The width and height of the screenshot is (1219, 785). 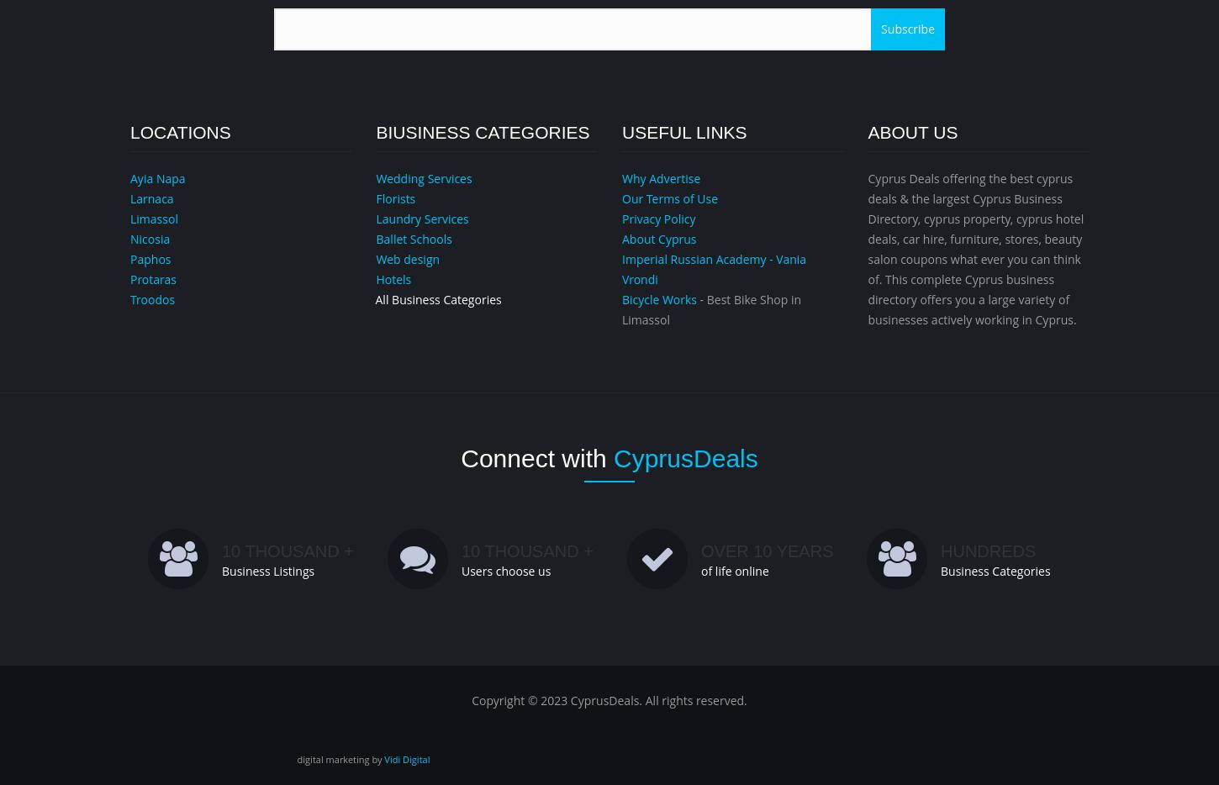 What do you see at coordinates (152, 219) in the screenshot?
I see `'Limassol'` at bounding box center [152, 219].